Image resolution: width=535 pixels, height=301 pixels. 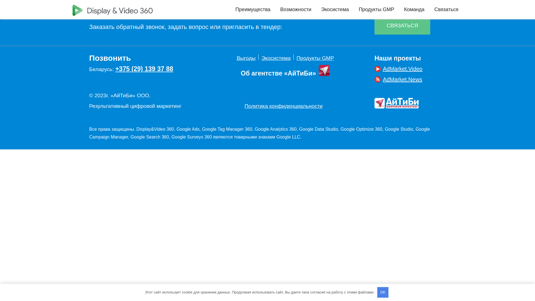 I want to click on 'AdMarket.News', so click(x=398, y=79).